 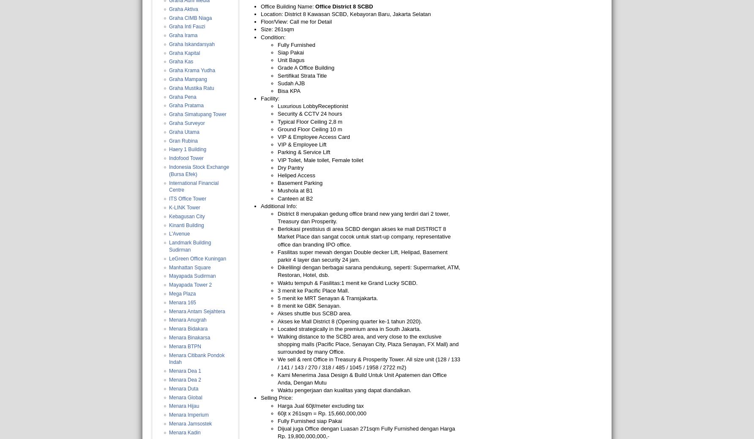 I want to click on 'Fully Furnished siap Pakai', so click(x=310, y=420).